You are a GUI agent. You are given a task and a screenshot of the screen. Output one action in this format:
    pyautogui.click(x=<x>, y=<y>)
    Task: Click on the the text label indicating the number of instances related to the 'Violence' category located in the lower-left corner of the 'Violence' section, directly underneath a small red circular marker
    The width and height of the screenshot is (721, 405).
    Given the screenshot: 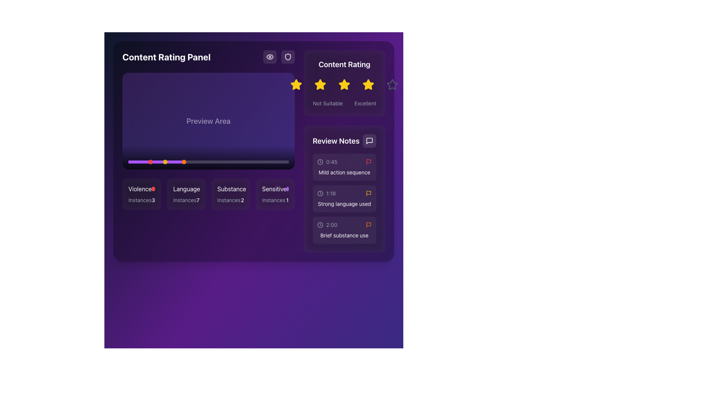 What is the action you would take?
    pyautogui.click(x=142, y=199)
    